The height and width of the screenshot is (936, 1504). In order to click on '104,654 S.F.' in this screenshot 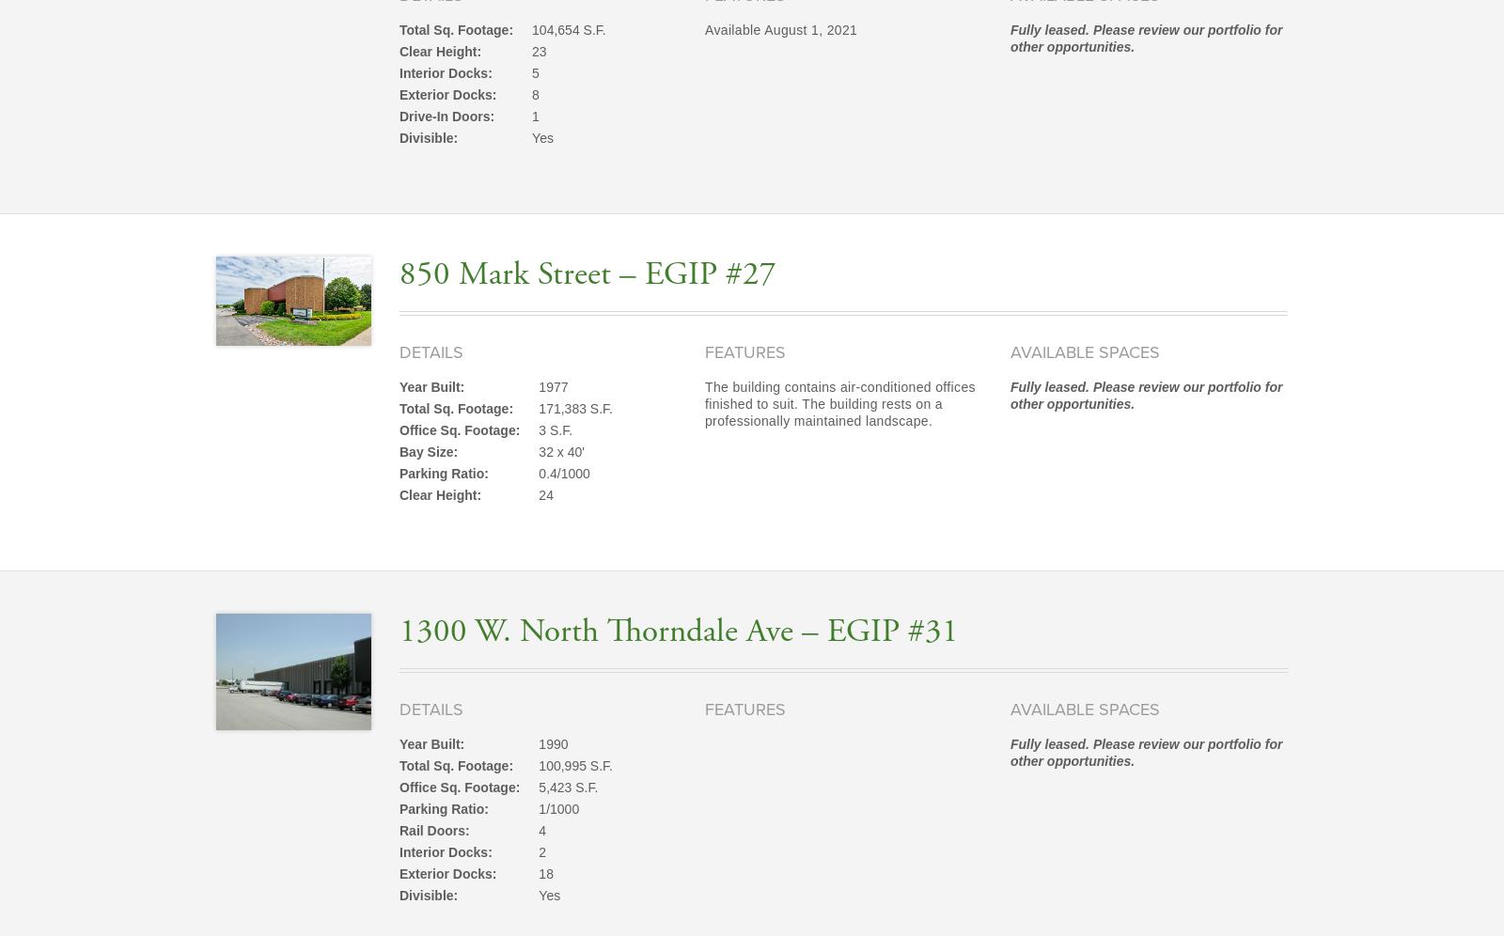, I will do `click(568, 29)`.